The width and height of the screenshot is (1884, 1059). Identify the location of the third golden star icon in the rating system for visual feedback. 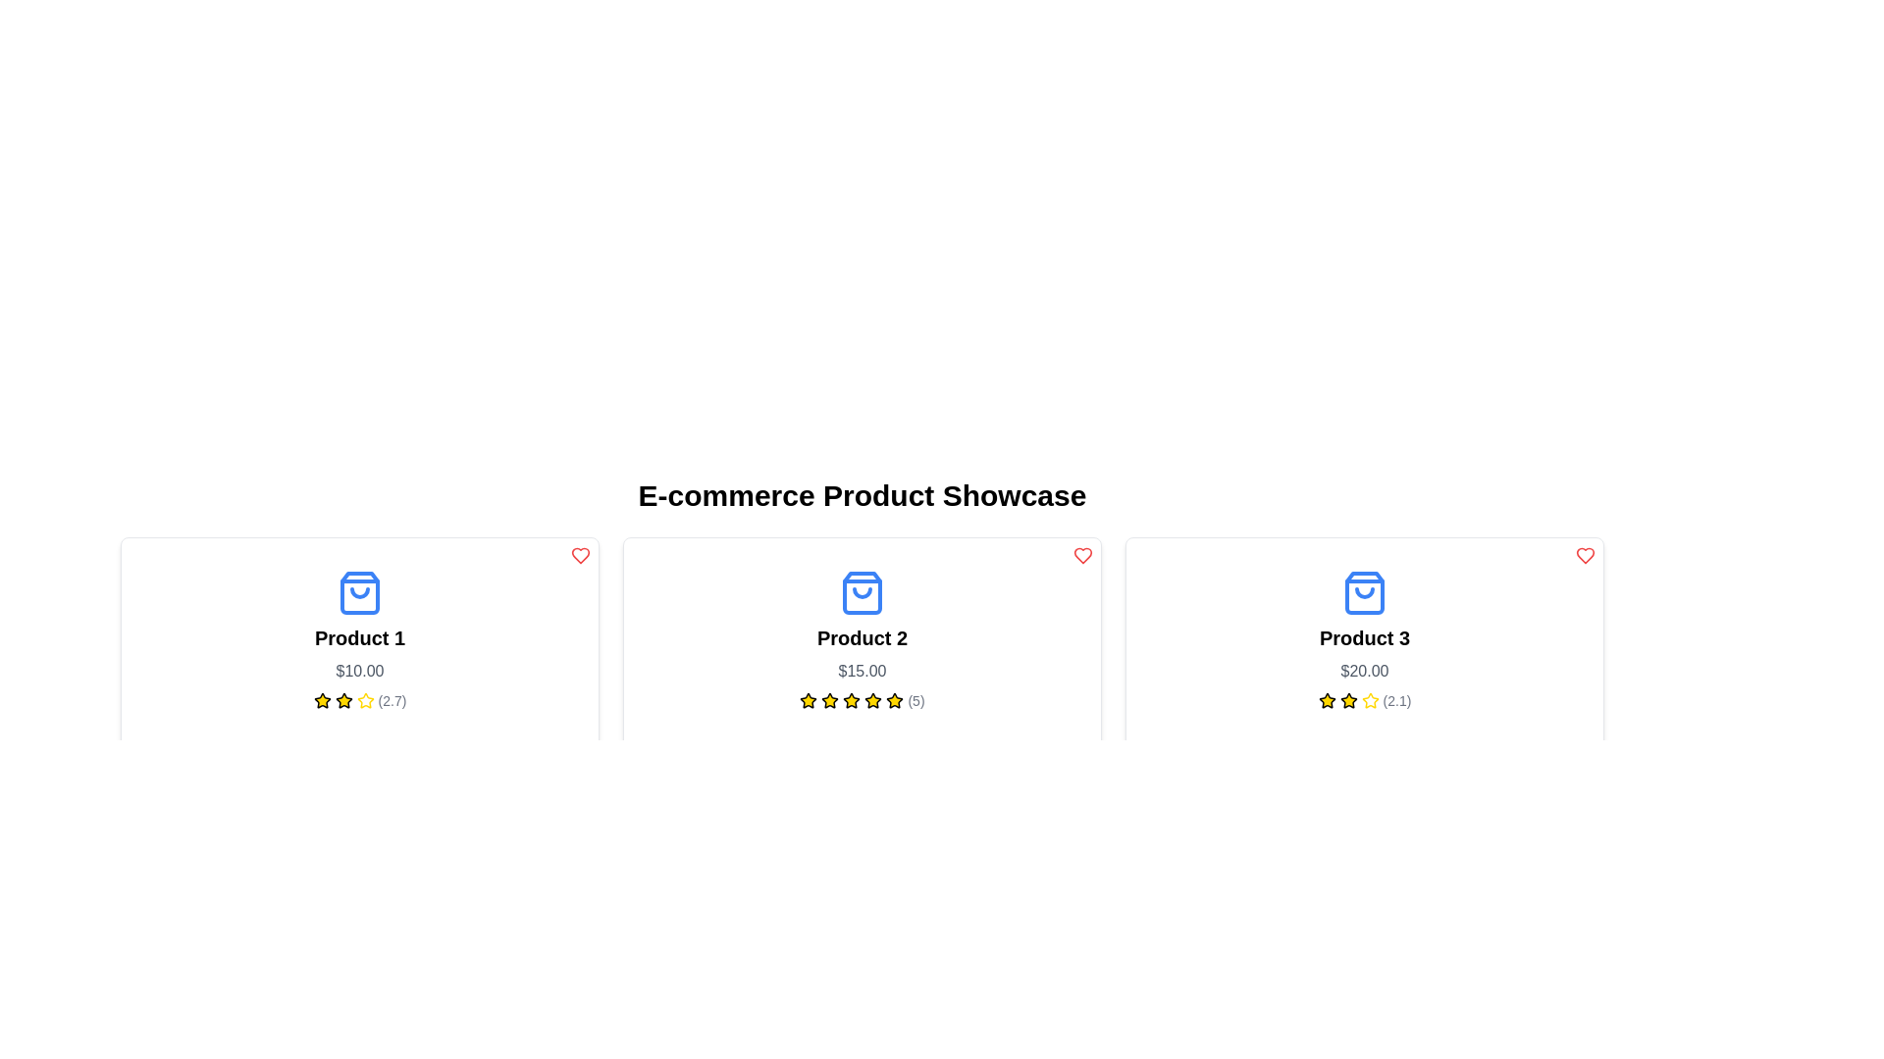
(830, 699).